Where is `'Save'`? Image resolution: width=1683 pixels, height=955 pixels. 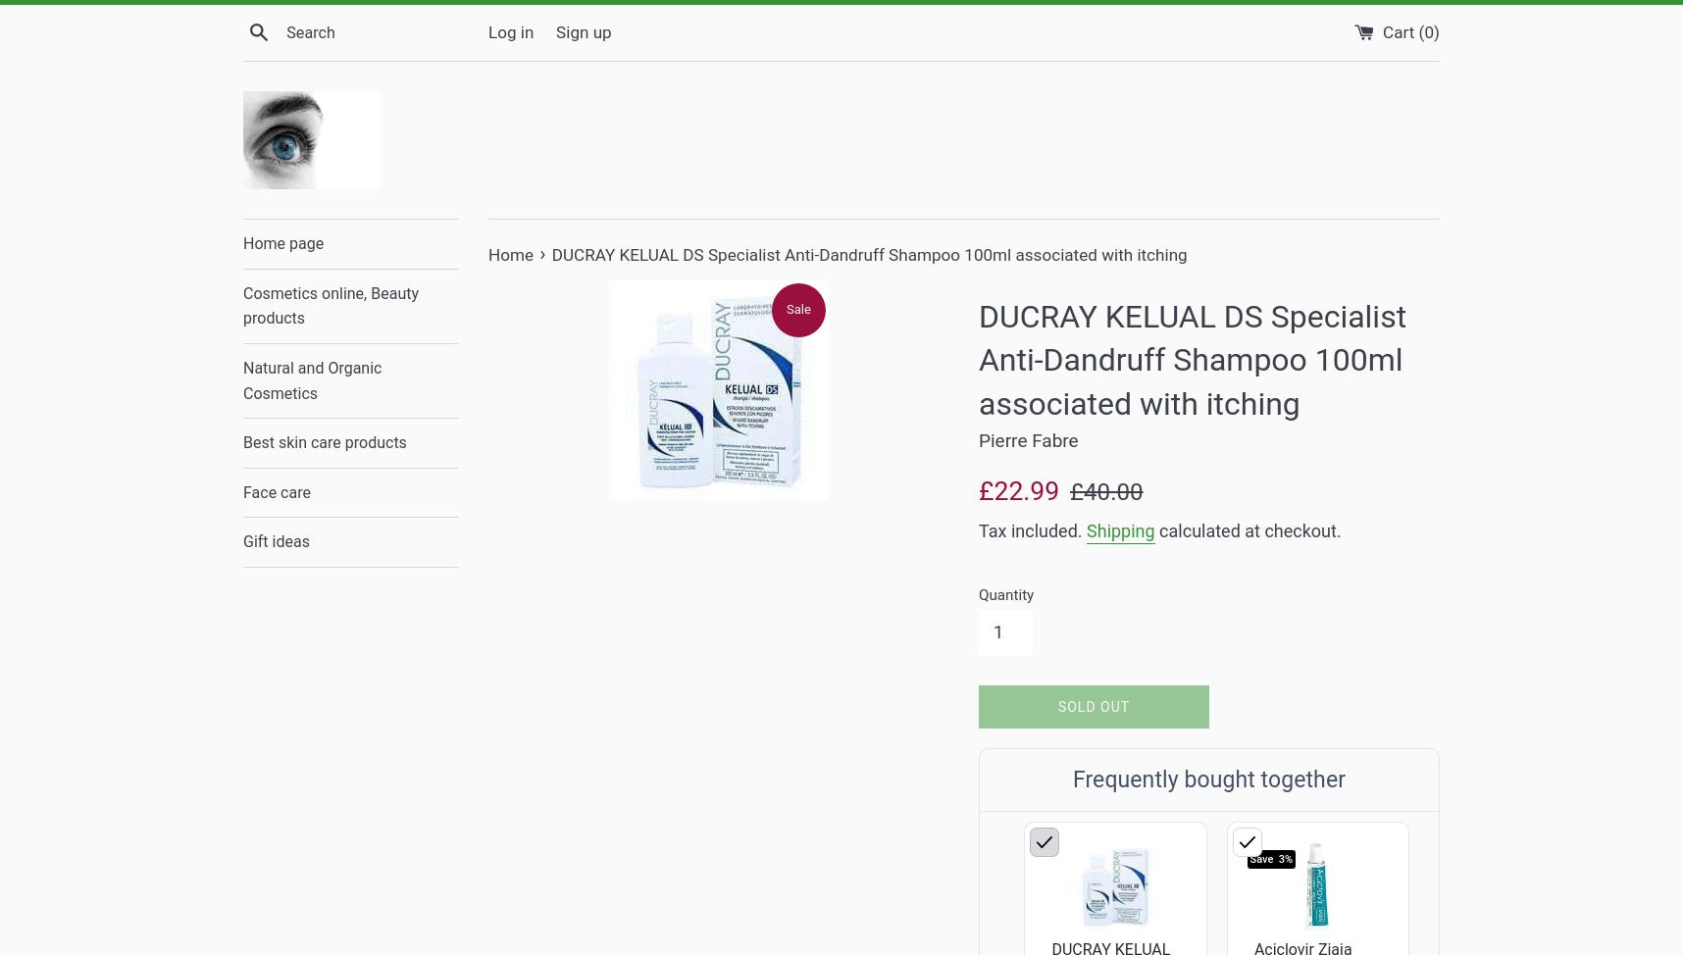
'Save' is located at coordinates (1260, 859).